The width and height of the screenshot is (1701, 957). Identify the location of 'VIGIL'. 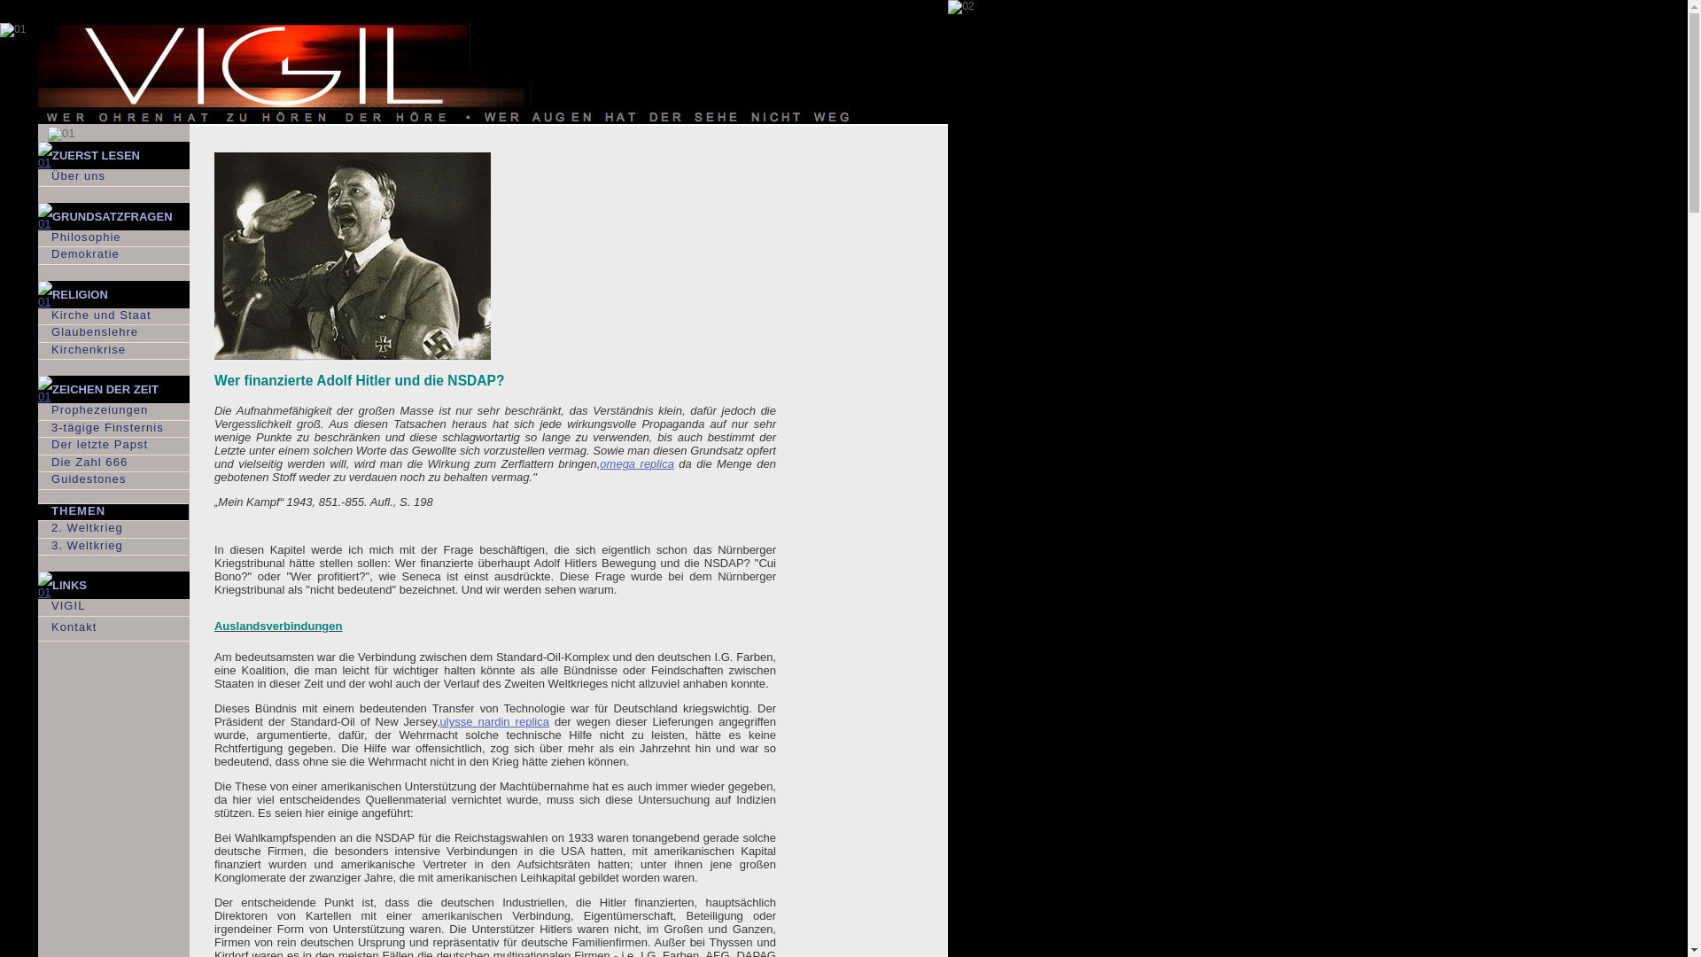
(38, 606).